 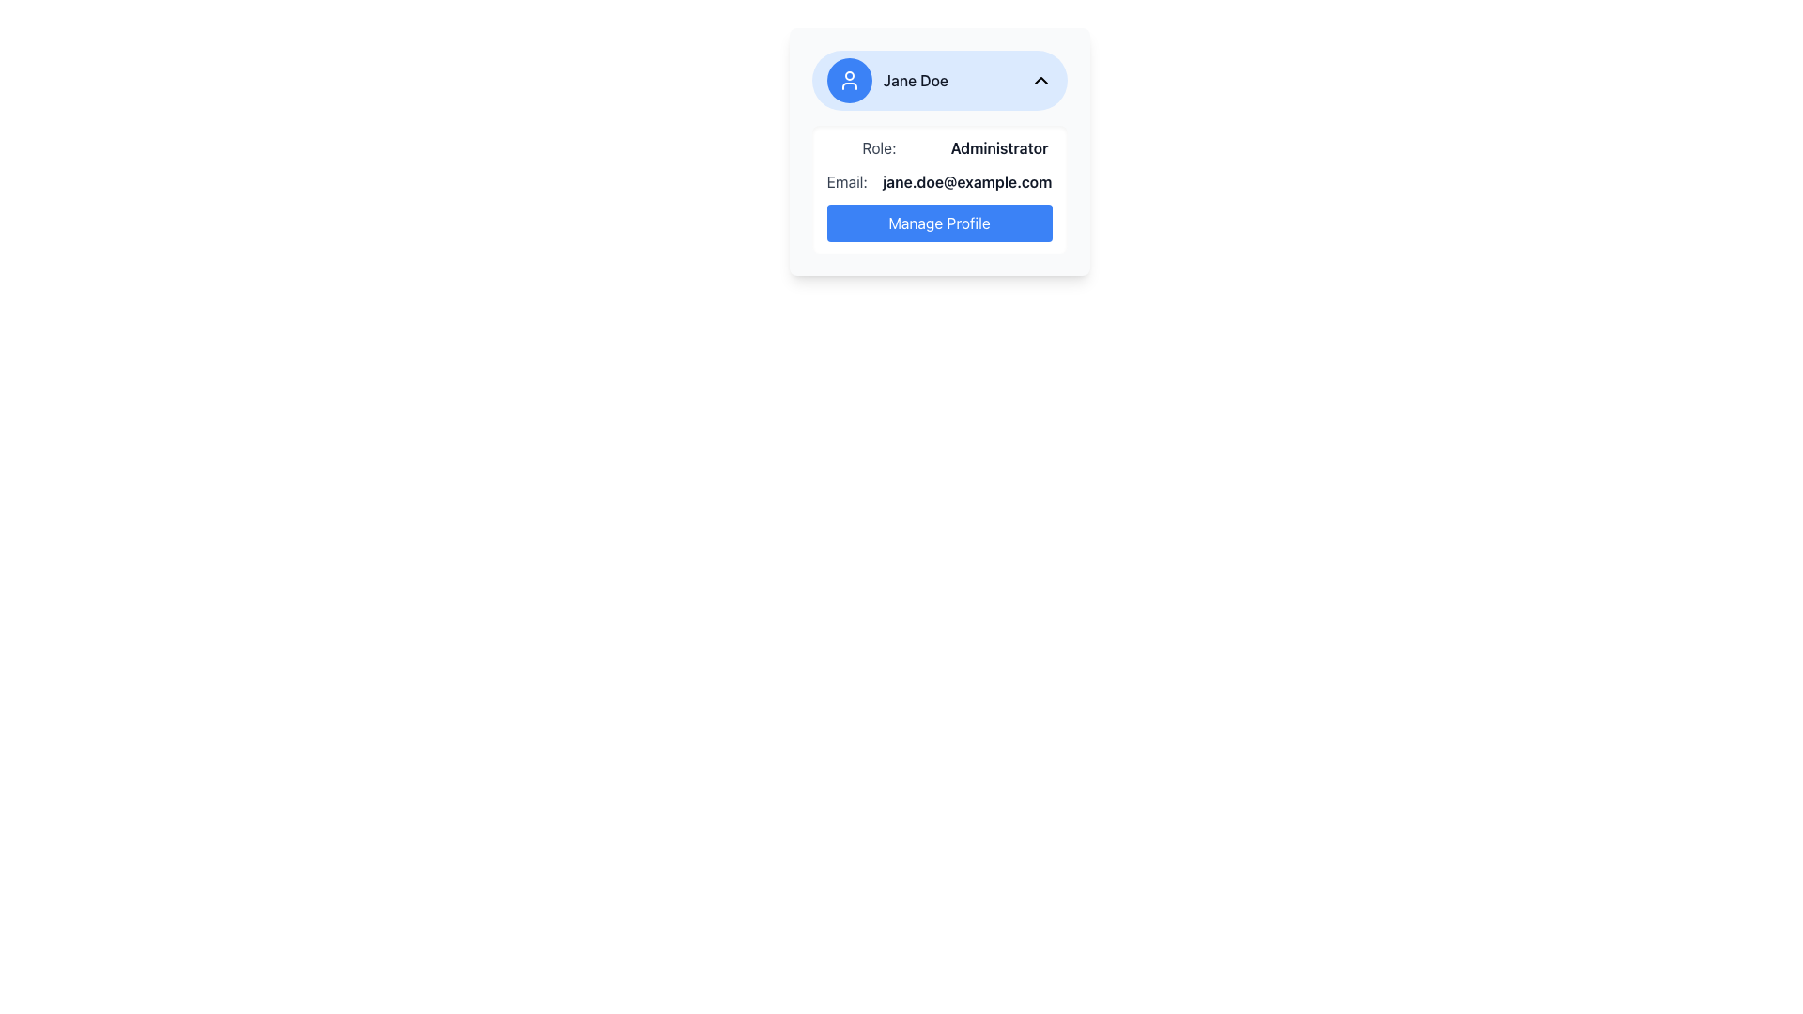 I want to click on the static informational text displaying the email address 'jane.doe@example.com', which is styled in black and located between the user's role and the 'Manage Profile' button, so click(x=939, y=181).